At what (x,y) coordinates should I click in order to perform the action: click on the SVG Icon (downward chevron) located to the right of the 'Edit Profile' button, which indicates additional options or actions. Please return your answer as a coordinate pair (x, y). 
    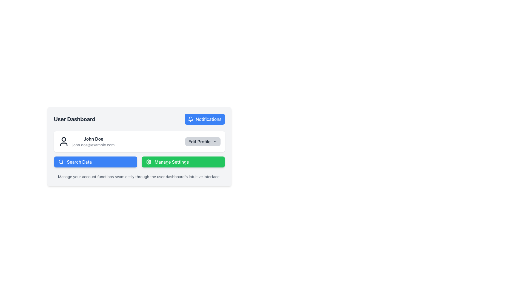
    Looking at the image, I should click on (215, 141).